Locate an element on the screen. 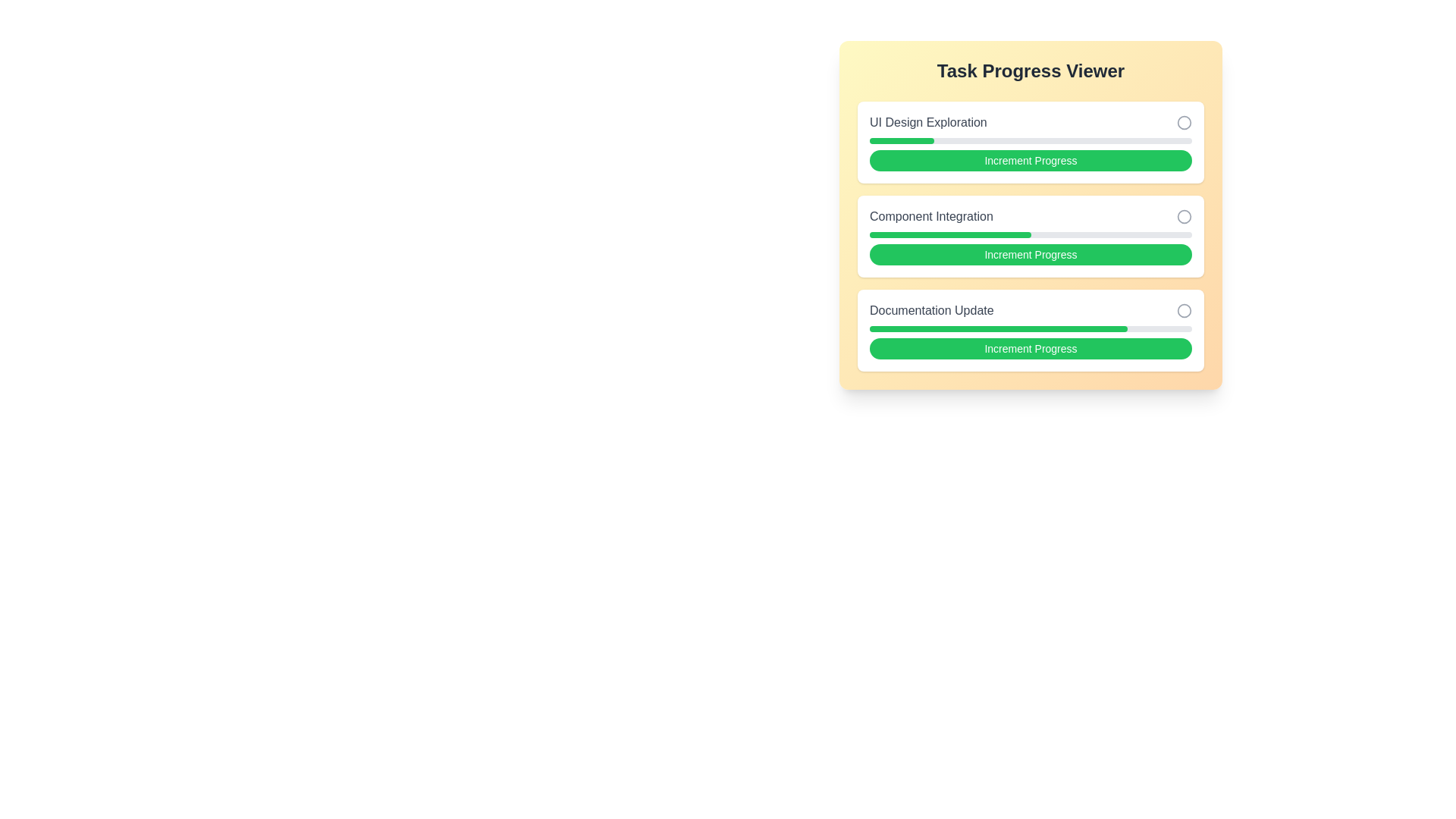 This screenshot has width=1456, height=819. the green progress bar indicating progress in the 'UI Design Exploration' section, which is the first progress indicator in the list, located below the label and above the increment button is located at coordinates (902, 140).